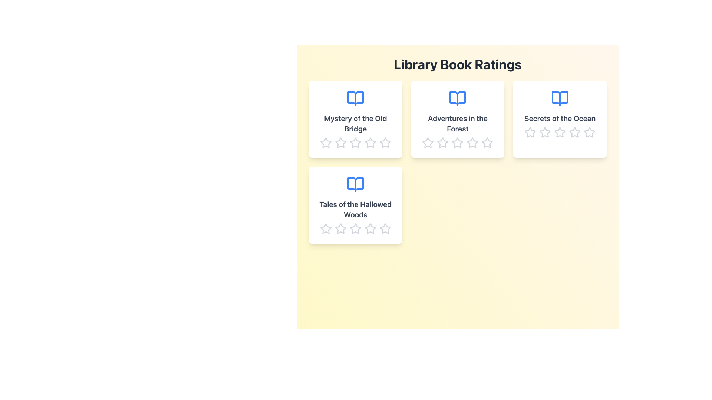 The width and height of the screenshot is (712, 400). Describe the element at coordinates (355, 228) in the screenshot. I see `the fourth star icon in the star rating component` at that location.